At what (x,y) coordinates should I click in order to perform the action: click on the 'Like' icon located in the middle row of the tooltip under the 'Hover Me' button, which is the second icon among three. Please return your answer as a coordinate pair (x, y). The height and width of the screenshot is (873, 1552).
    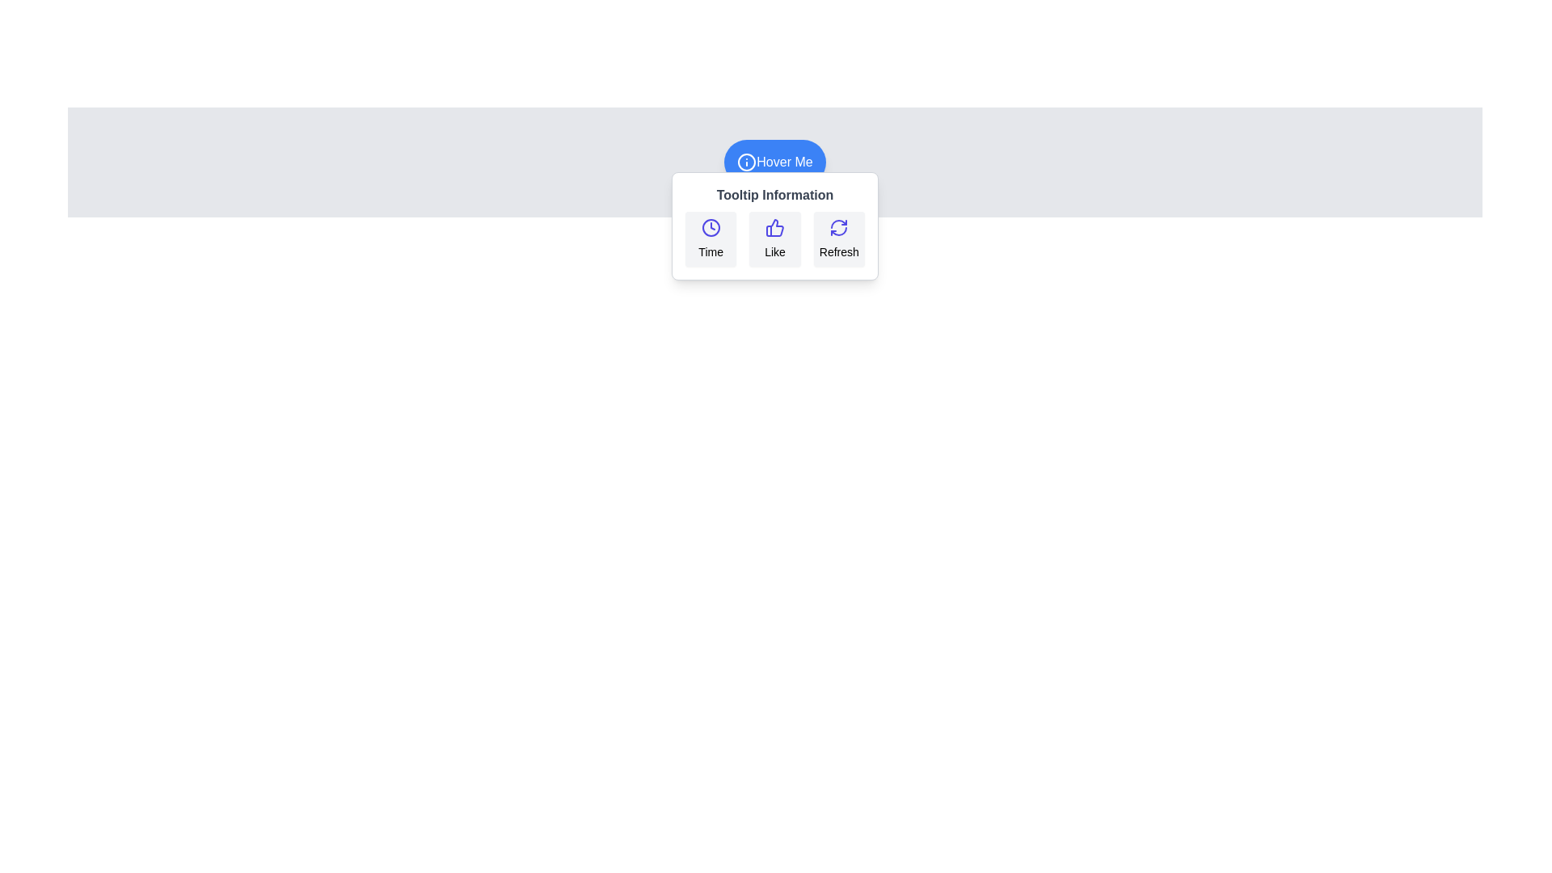
    Looking at the image, I should click on (774, 227).